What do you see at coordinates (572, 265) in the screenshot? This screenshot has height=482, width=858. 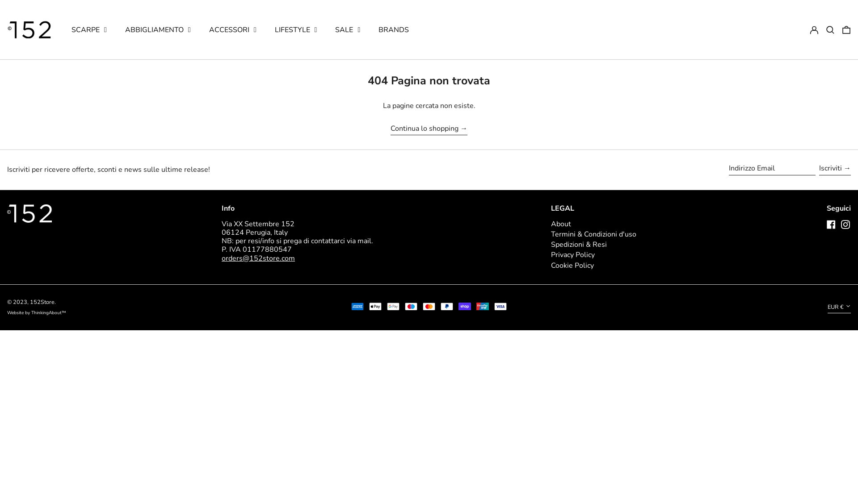 I see `'Cookie Policy'` at bounding box center [572, 265].